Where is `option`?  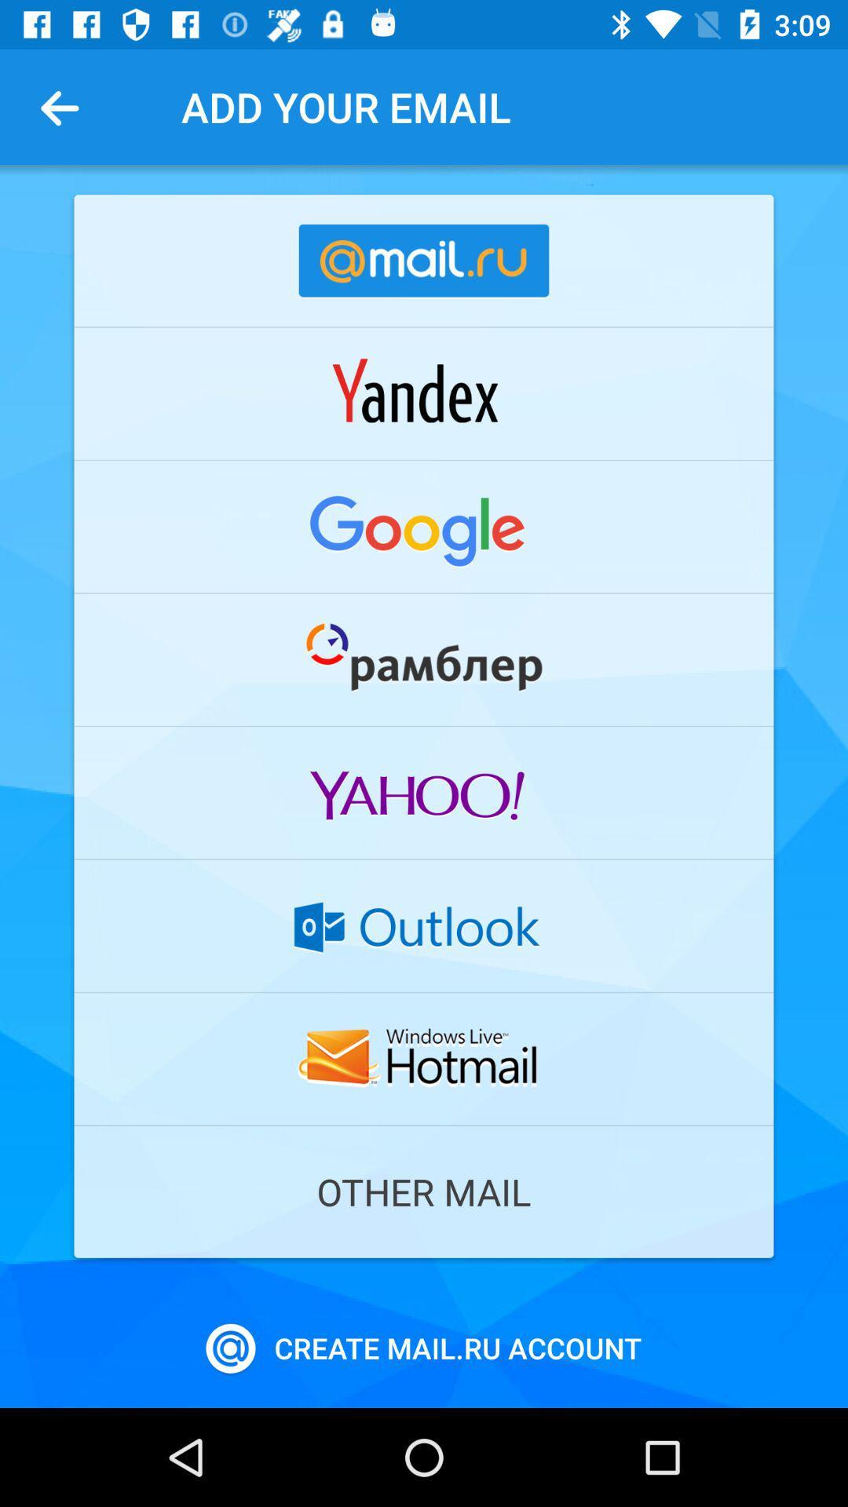
option is located at coordinates (424, 925).